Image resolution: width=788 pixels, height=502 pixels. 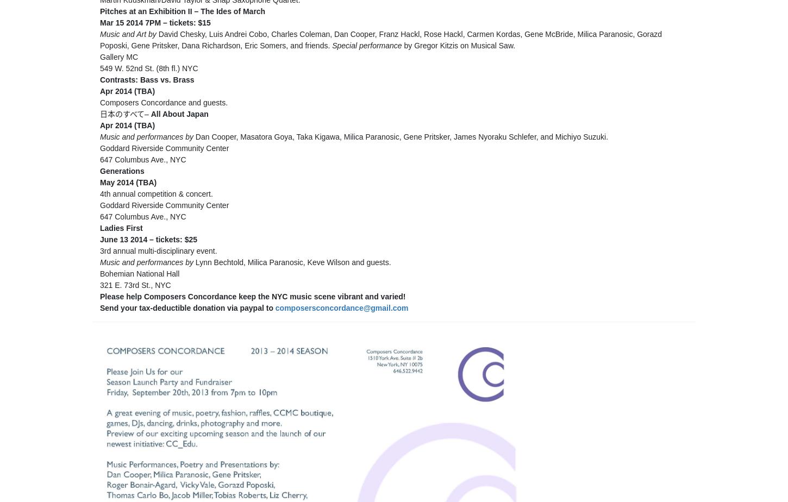 What do you see at coordinates (182, 11) in the screenshot?
I see `'Pitches at an Exhibition II – The Ides of March'` at bounding box center [182, 11].